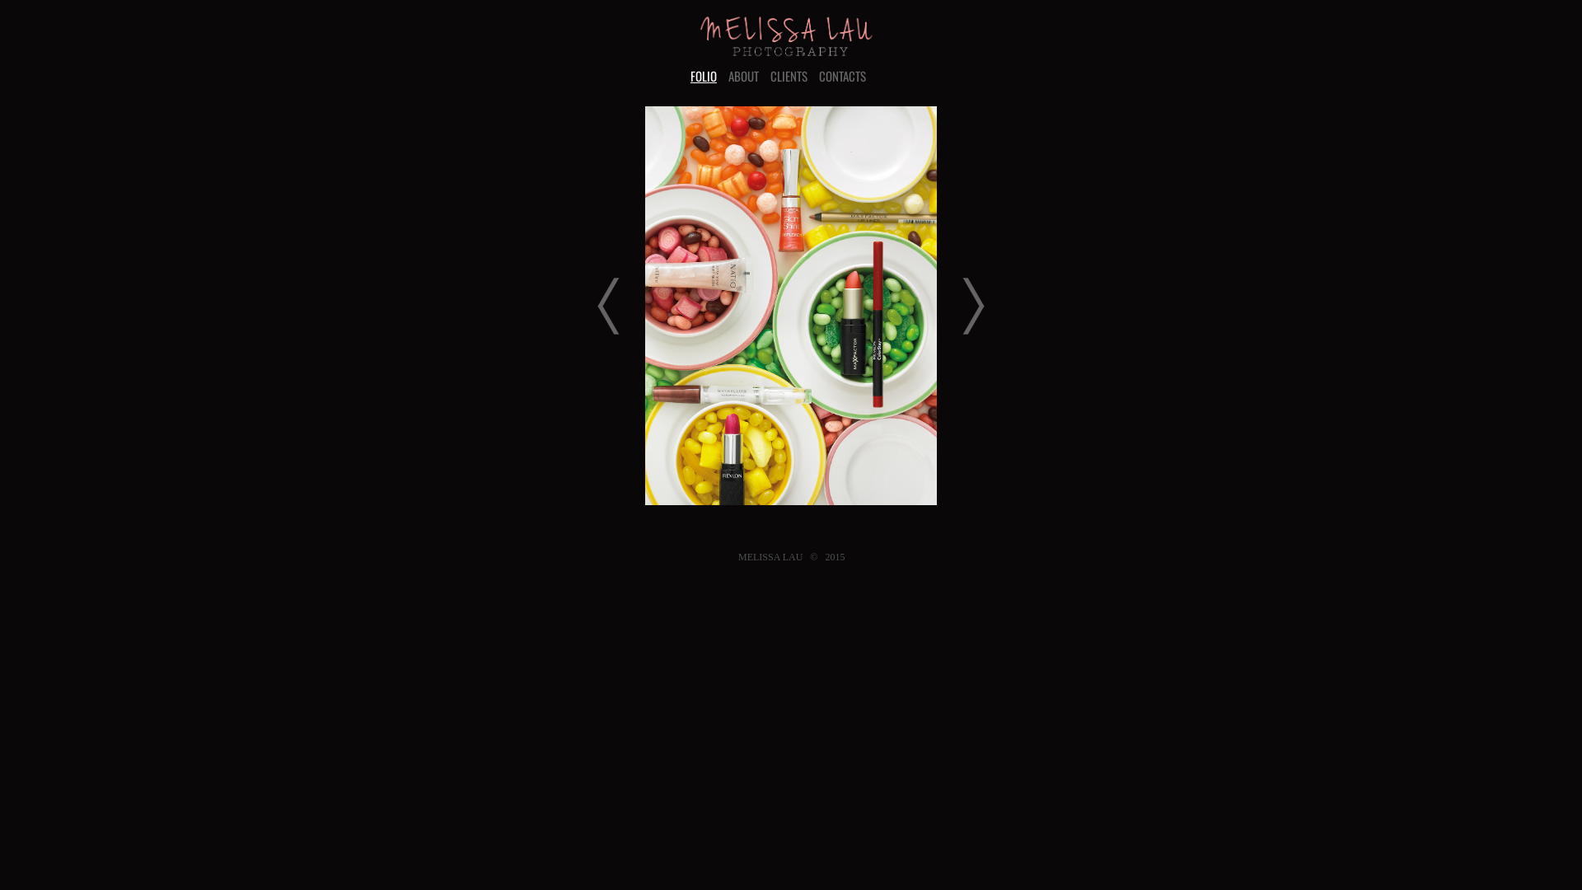 This screenshot has width=1582, height=890. Describe the element at coordinates (727, 76) in the screenshot. I see `'ABOUT'` at that location.